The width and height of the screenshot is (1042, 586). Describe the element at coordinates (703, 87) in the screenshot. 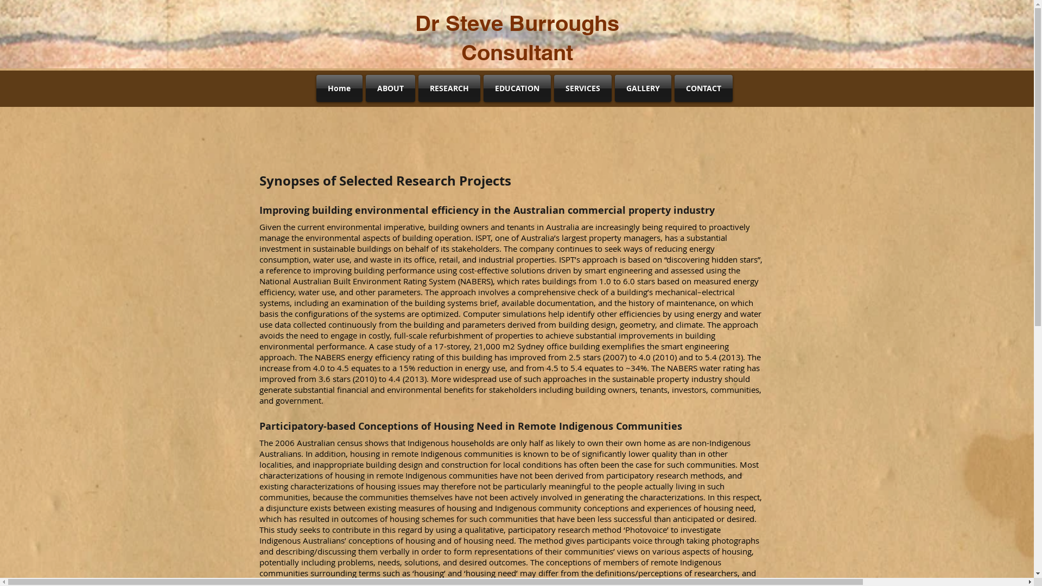

I see `'CONTACT'` at that location.